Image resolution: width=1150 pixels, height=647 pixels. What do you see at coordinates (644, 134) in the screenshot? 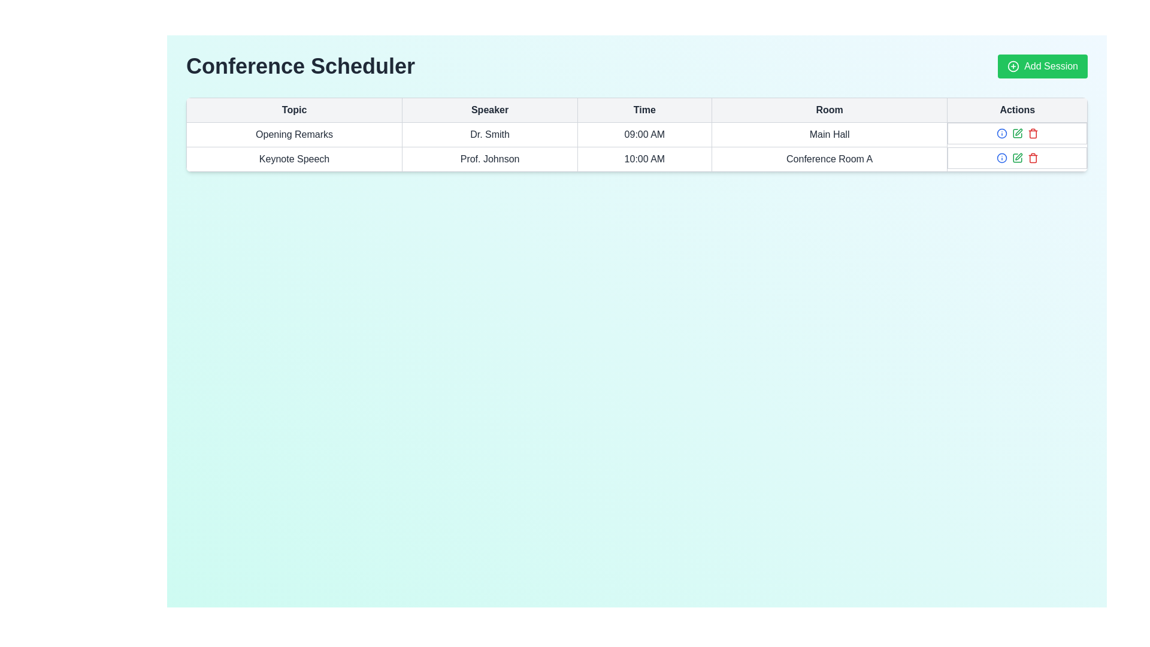
I see `displayed time in the 'Opening Remarks' session's Text display cell located in the third column of the first row of the table` at bounding box center [644, 134].